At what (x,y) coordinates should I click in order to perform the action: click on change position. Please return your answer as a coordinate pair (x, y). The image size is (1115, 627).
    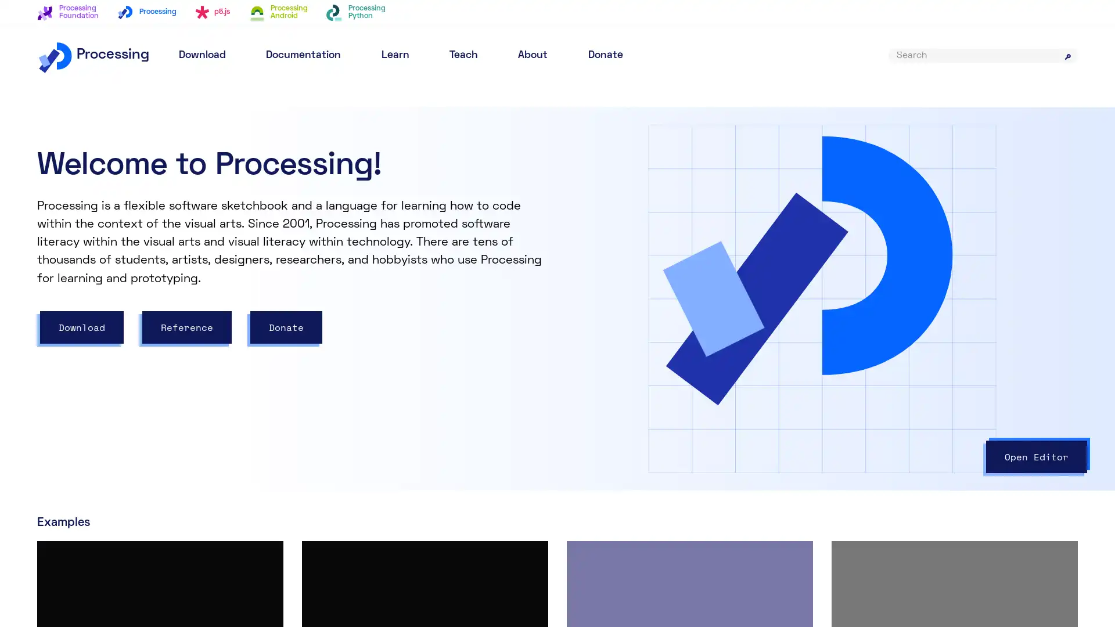
    Looking at the image, I should click on (630, 304).